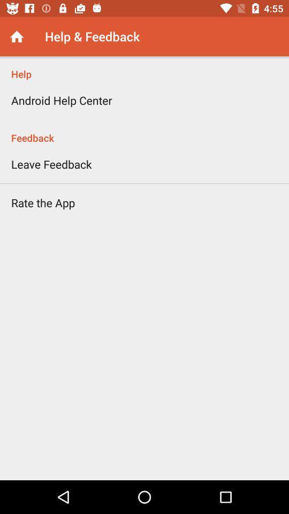 The height and width of the screenshot is (514, 289). I want to click on the leave feedback icon, so click(51, 164).